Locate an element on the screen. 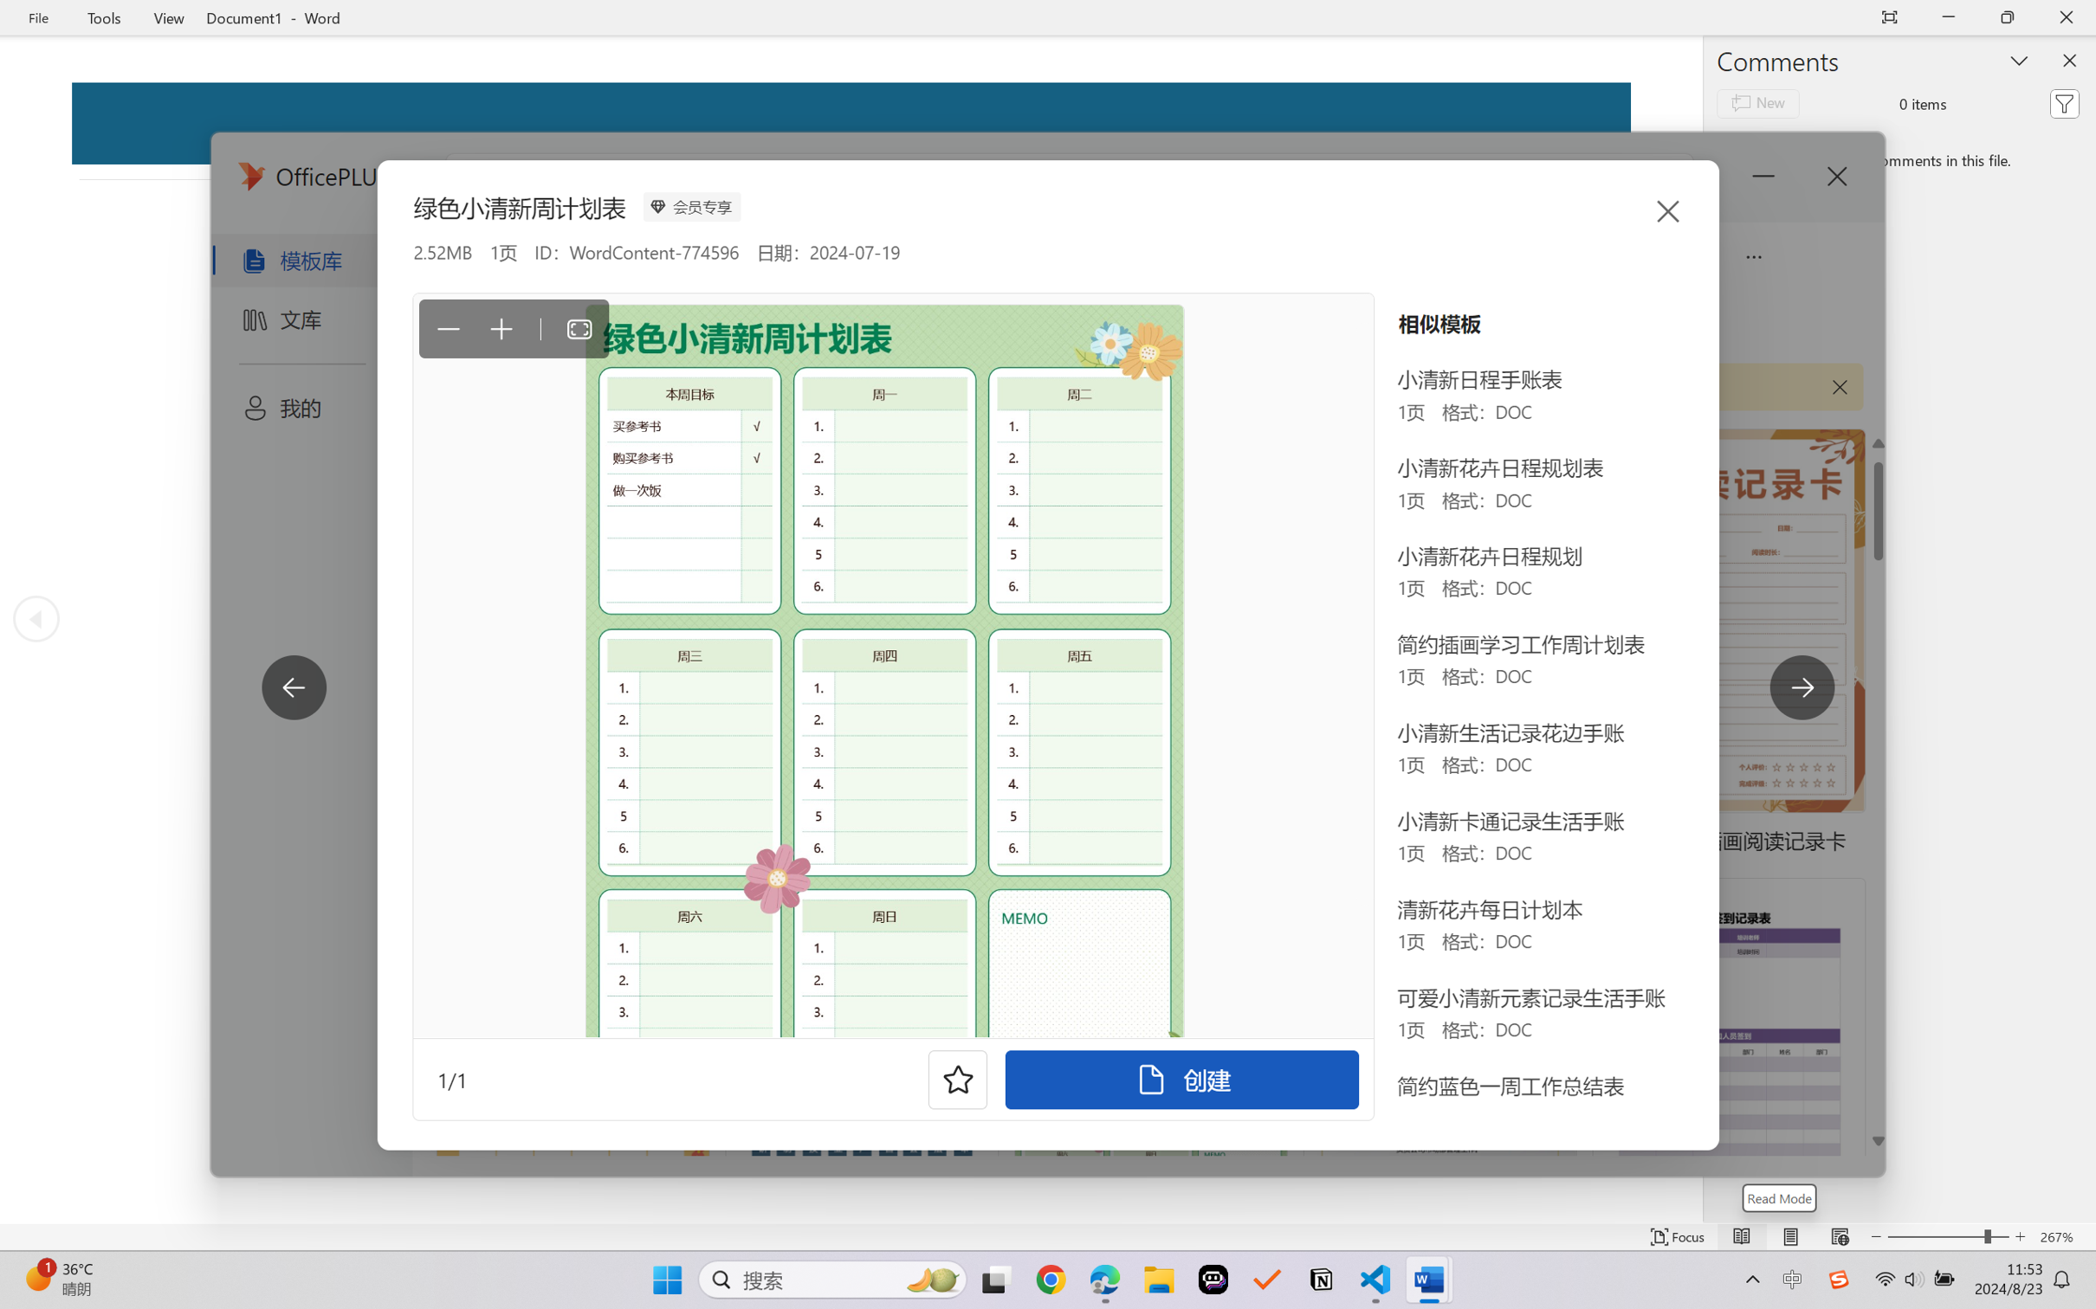 The height and width of the screenshot is (1309, 2096). 'Decrease Text Size' is located at coordinates (1875, 1236).